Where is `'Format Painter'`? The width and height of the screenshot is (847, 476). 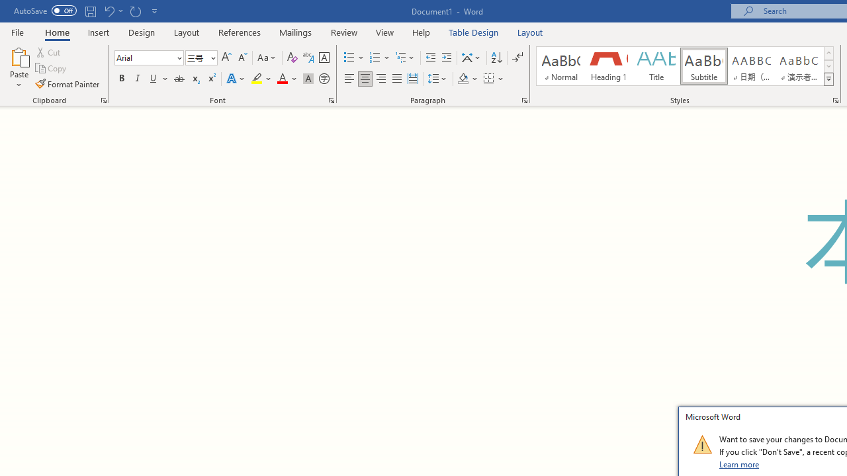 'Format Painter' is located at coordinates (67, 84).